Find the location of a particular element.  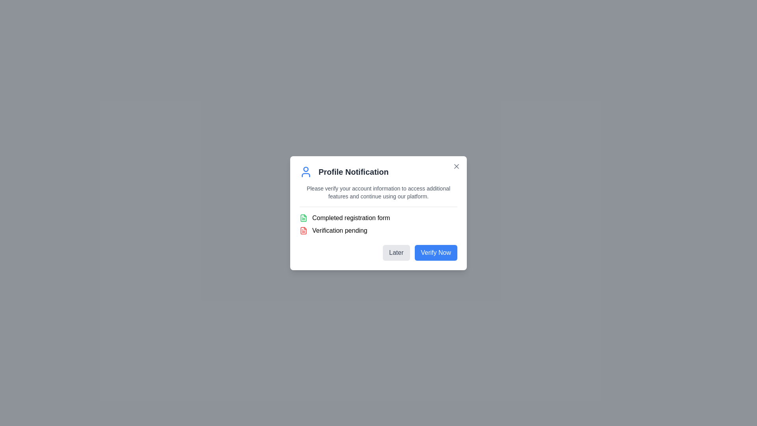

status label indicating the completion of the registration form in the 'Profile Notification' dialog, positioned above 'Verification pending' and next to a green document icon is located at coordinates (351, 218).